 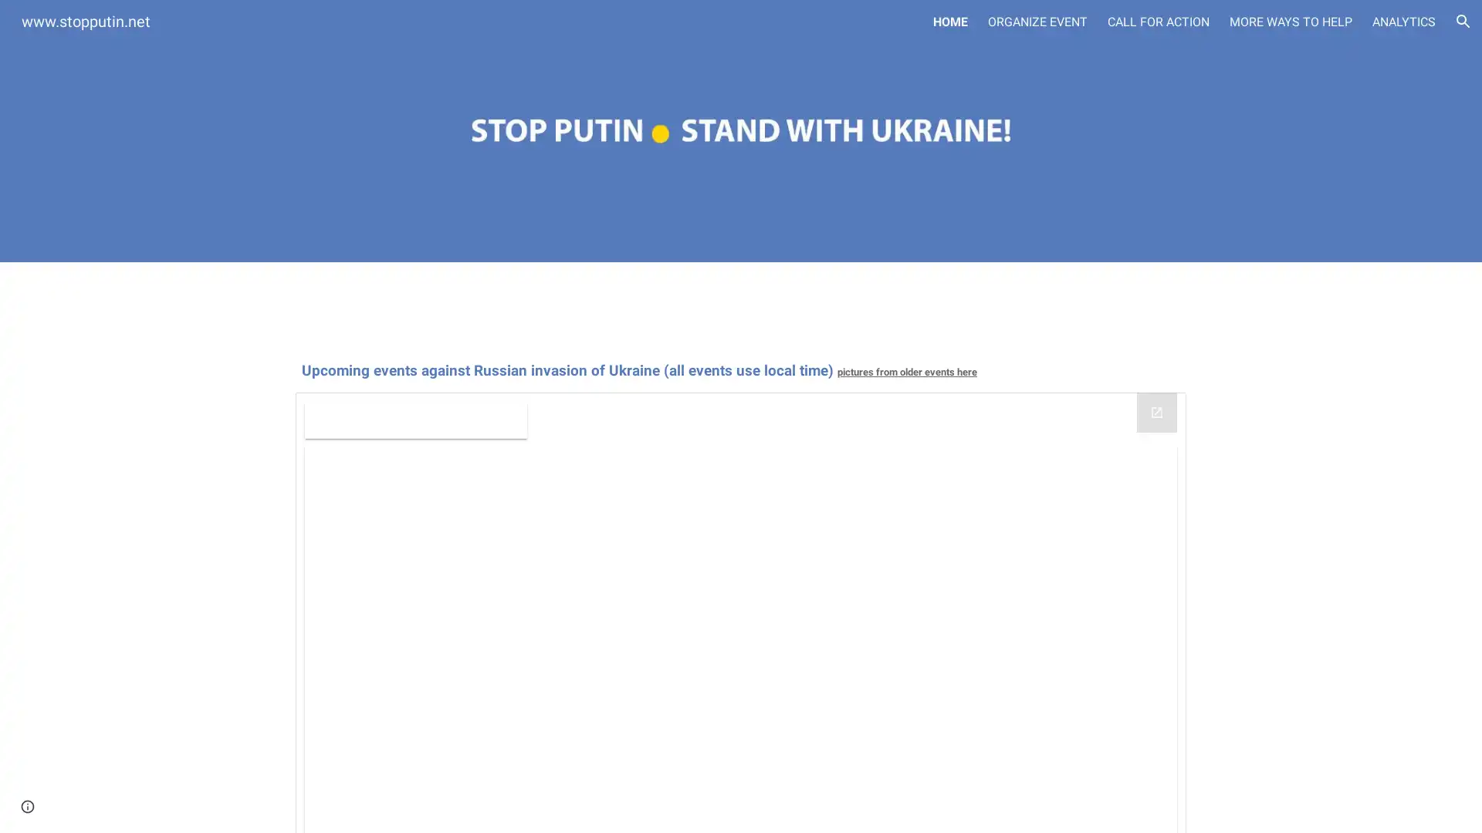 I want to click on Skip to navigation, so click(x=879, y=29).